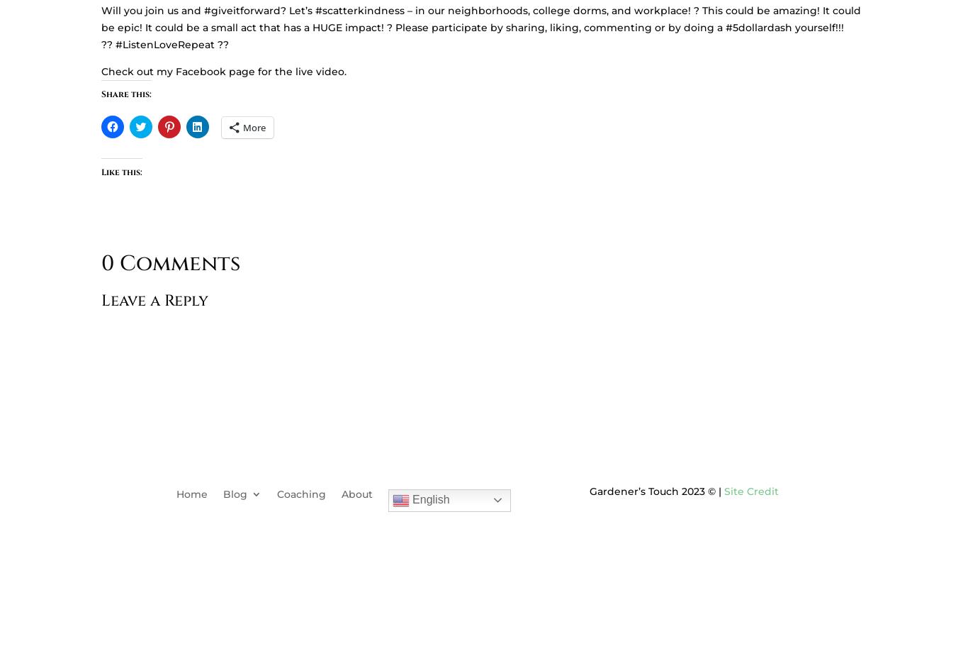  Describe the element at coordinates (656, 489) in the screenshot. I see `'Gardener’s Touch 2023 © |'` at that location.